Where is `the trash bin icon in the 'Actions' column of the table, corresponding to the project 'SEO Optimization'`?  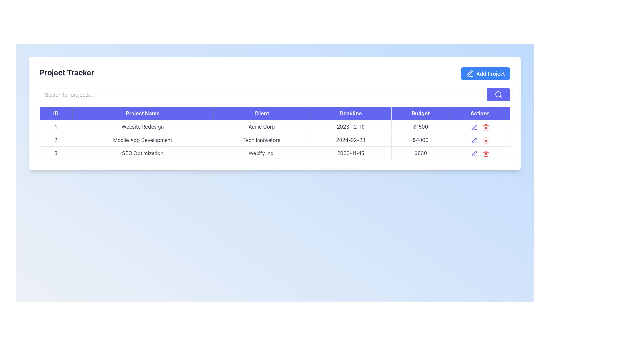 the trash bin icon in the 'Actions' column of the table, corresponding to the project 'SEO Optimization' is located at coordinates (486, 154).